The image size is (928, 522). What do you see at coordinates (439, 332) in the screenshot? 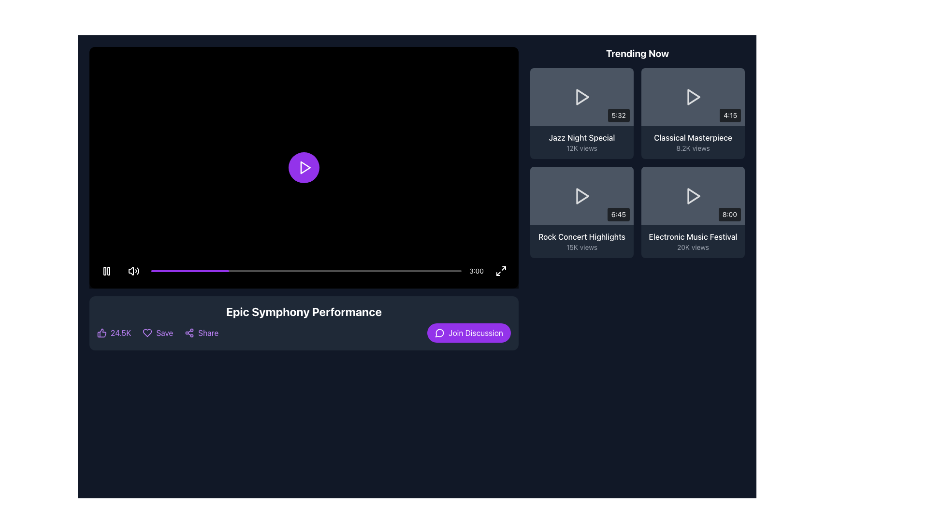
I see `the circular chat bubble icon located to the left of the 'Join Discussion' button in the interface footer below the main video player` at bounding box center [439, 332].